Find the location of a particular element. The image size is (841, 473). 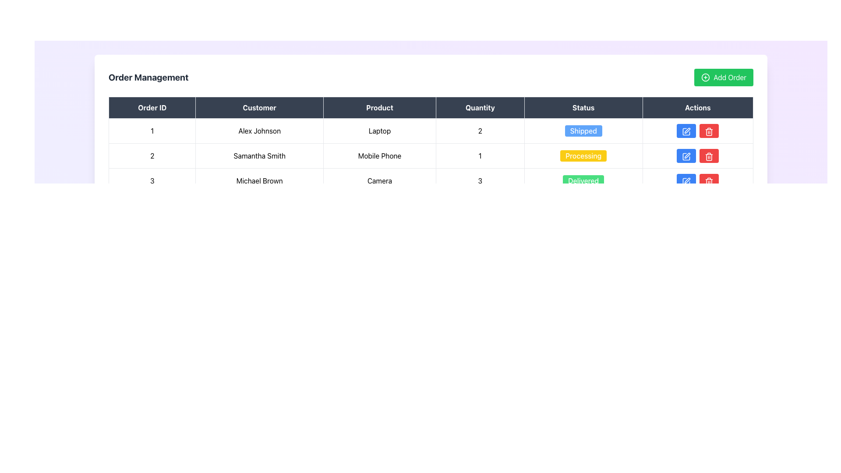

the text label displaying 'Michael Brown' in the second column of the table under 'Customer' for Order ID 3 is located at coordinates (259, 180).